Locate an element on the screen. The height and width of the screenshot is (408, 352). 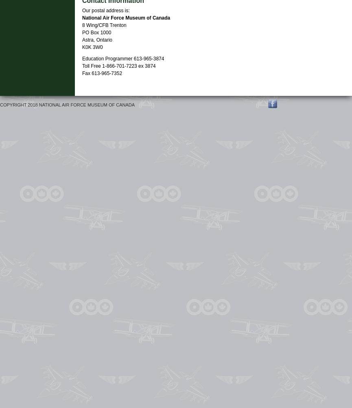
'8 Wing/CFB Trenton' is located at coordinates (81, 25).